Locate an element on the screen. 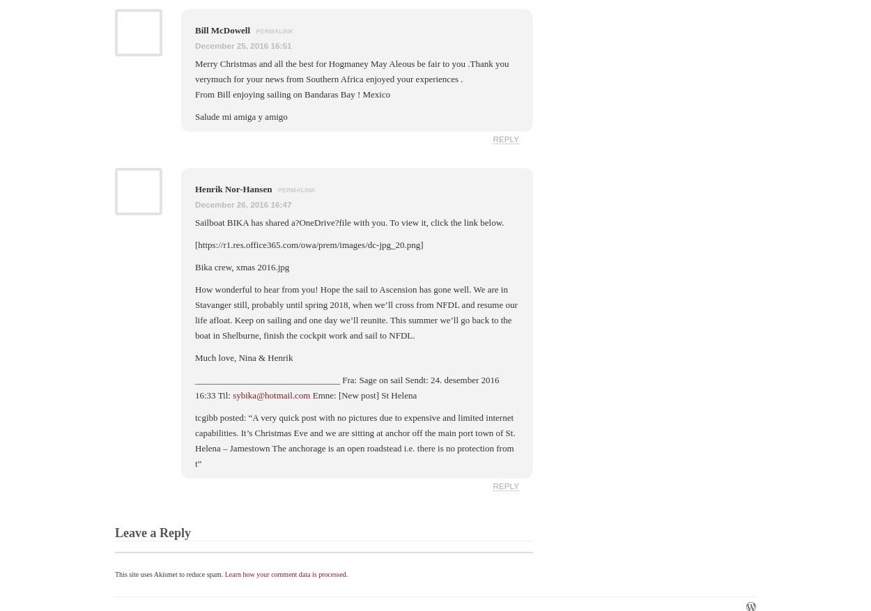  'Bill McDowell' is located at coordinates (195, 29).